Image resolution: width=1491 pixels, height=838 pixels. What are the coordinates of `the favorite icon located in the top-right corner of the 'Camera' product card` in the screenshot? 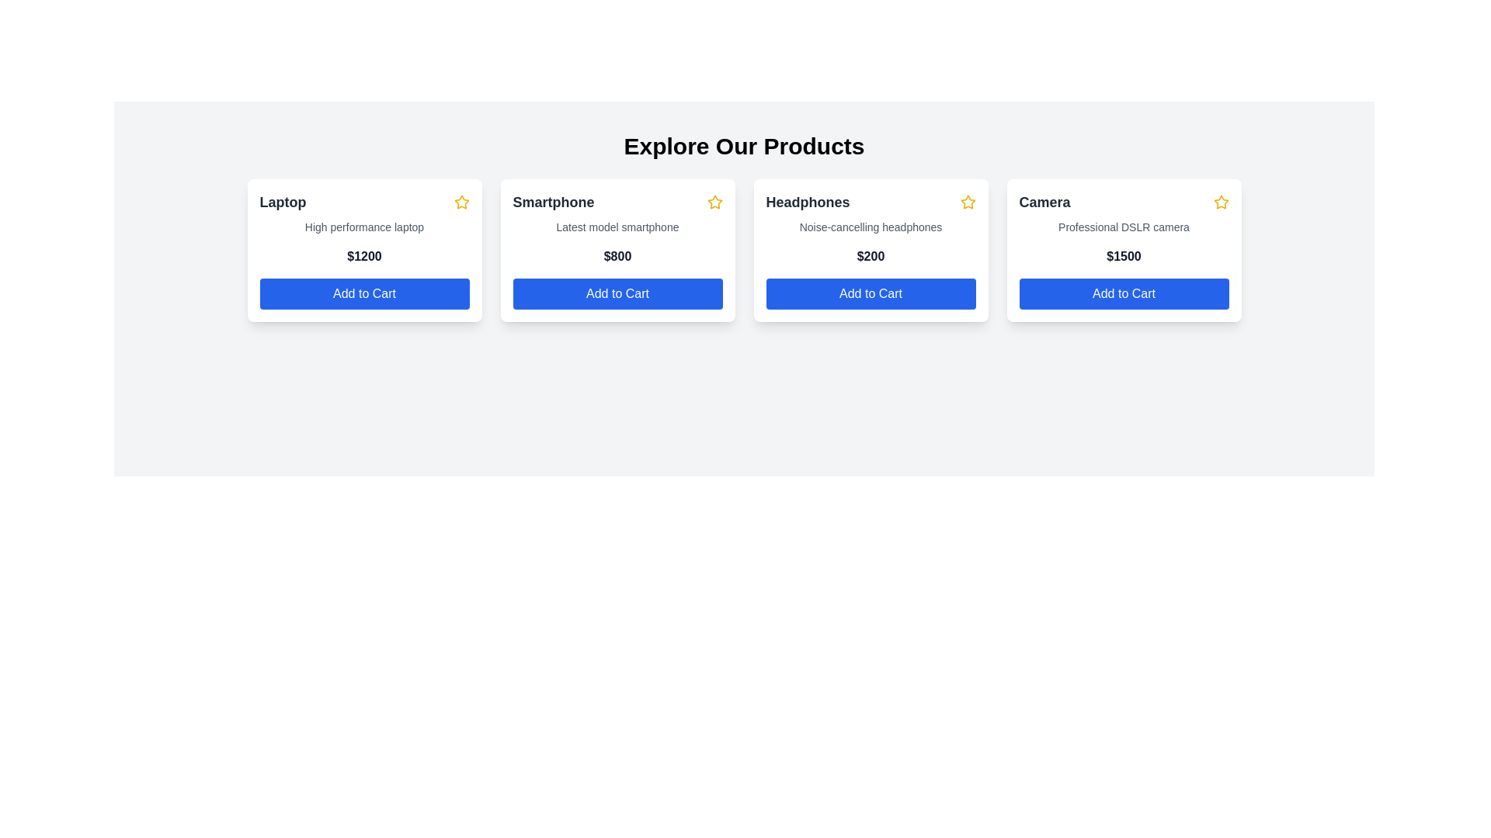 It's located at (1220, 202).